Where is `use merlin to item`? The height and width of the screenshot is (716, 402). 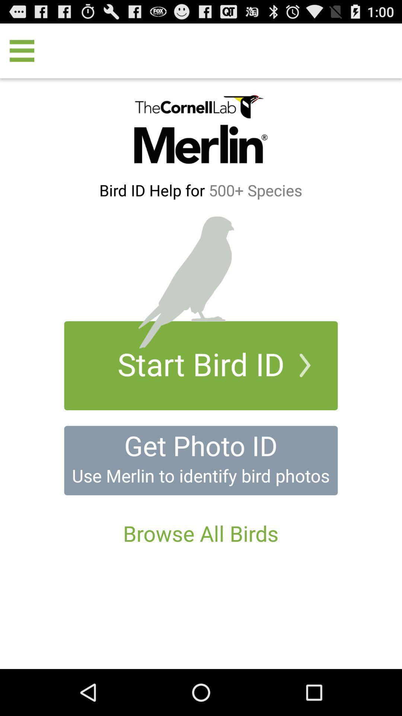 use merlin to item is located at coordinates (200, 475).